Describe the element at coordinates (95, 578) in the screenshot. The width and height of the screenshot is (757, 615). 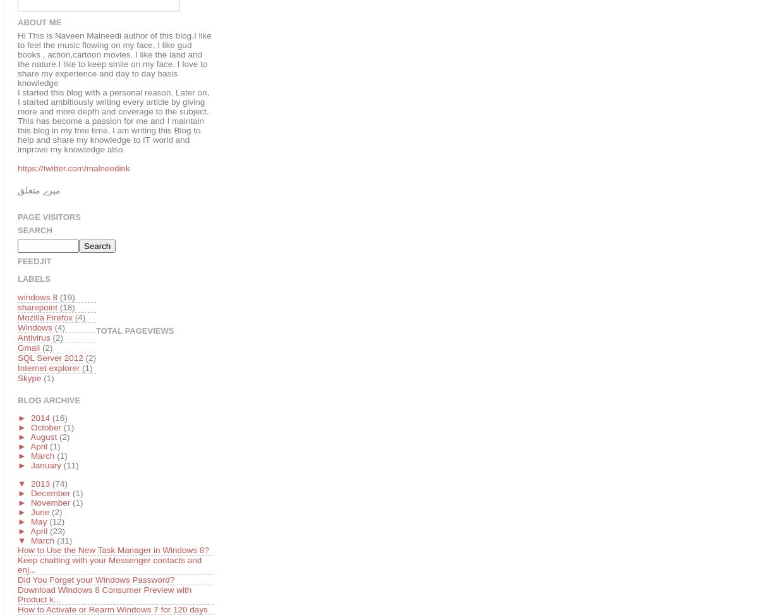
I see `'Did You Forget your Windows Password?'` at that location.